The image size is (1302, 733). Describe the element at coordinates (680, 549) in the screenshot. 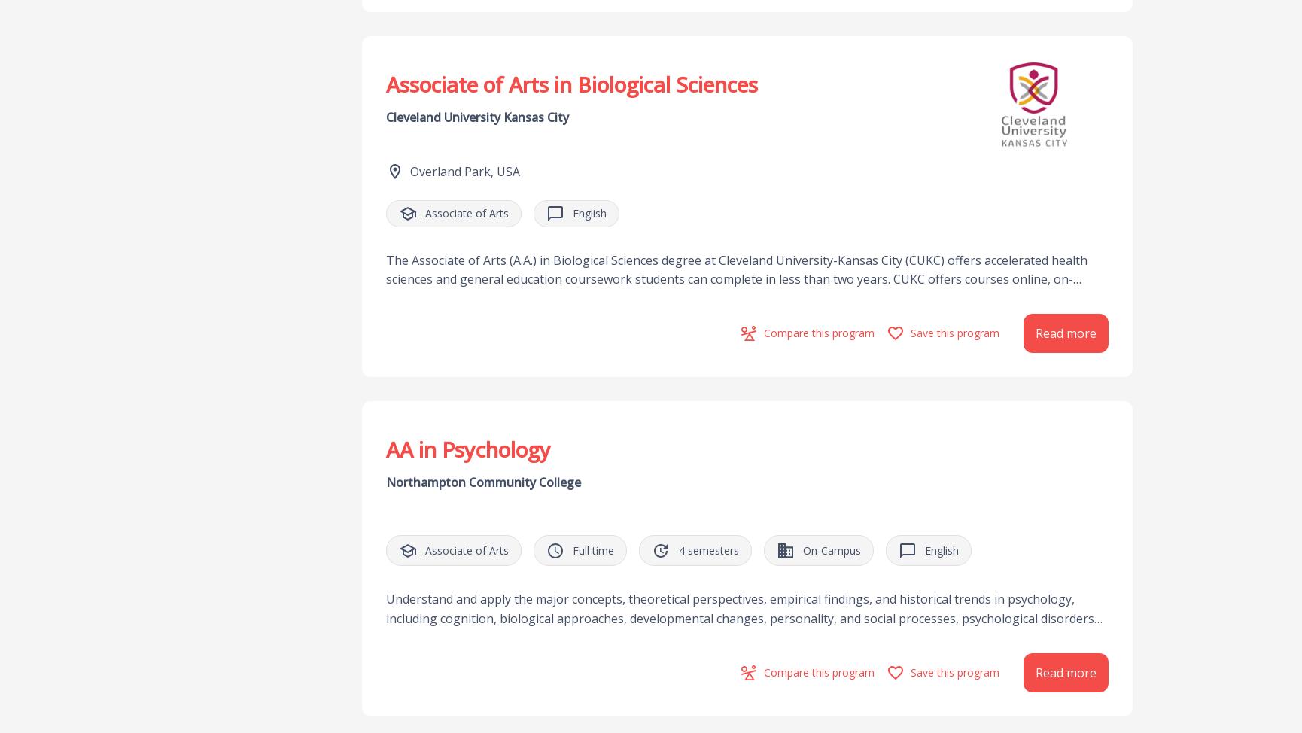

I see `'4'` at that location.